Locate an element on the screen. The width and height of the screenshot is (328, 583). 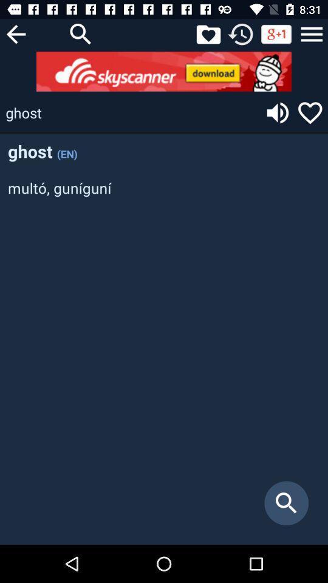
back is located at coordinates (15, 33).